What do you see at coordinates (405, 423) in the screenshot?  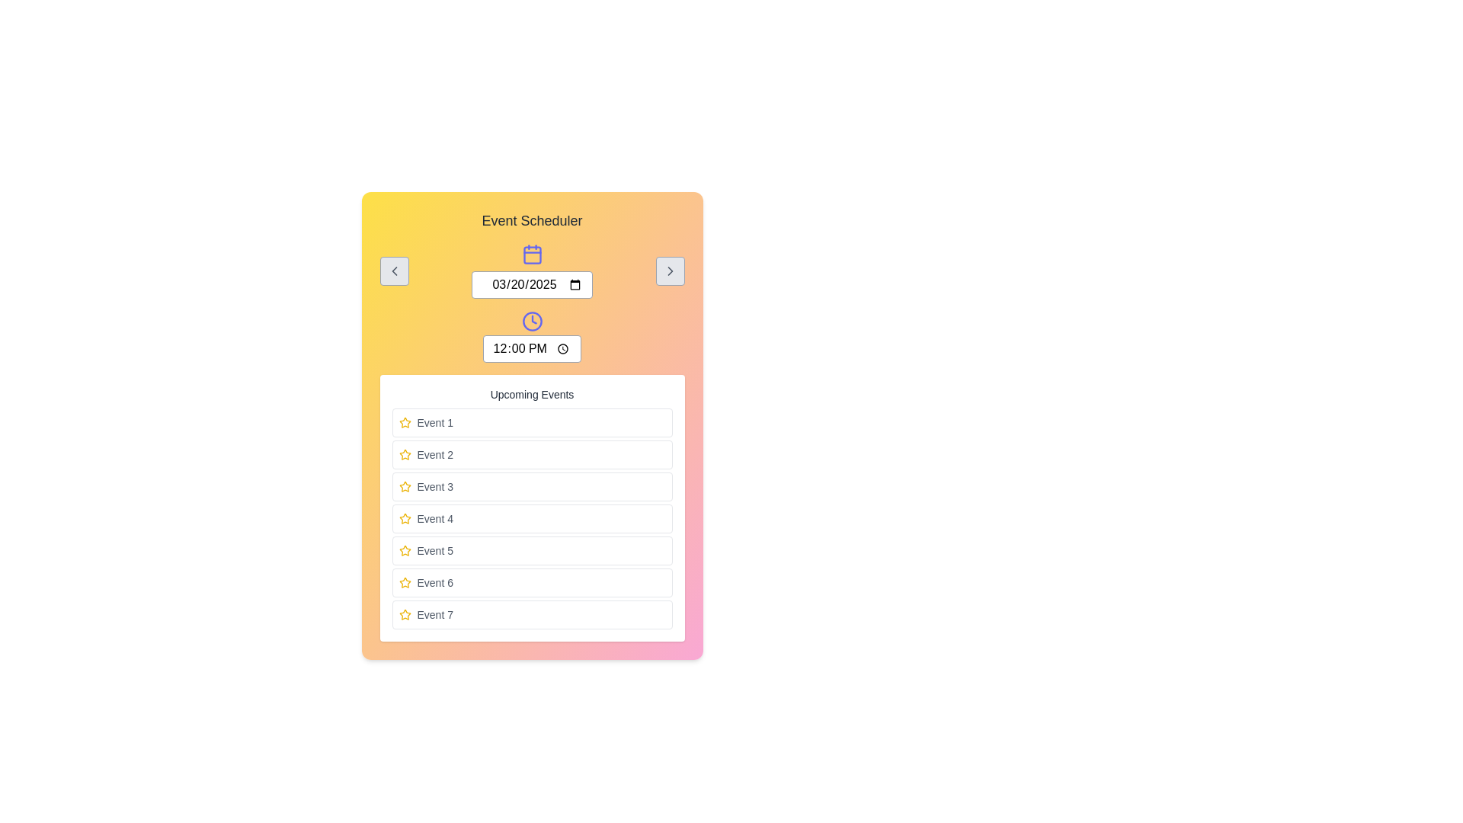 I see `the yellow star icon located to the left of the text 'Event 1'` at bounding box center [405, 423].